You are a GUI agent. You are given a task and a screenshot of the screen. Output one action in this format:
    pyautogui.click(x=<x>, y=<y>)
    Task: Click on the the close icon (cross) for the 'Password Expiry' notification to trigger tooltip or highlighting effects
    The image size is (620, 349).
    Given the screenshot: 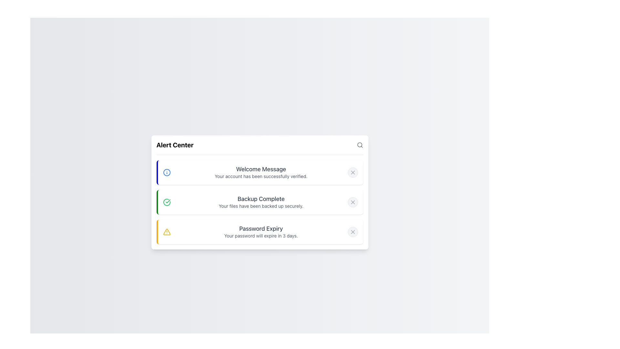 What is the action you would take?
    pyautogui.click(x=352, y=231)
    